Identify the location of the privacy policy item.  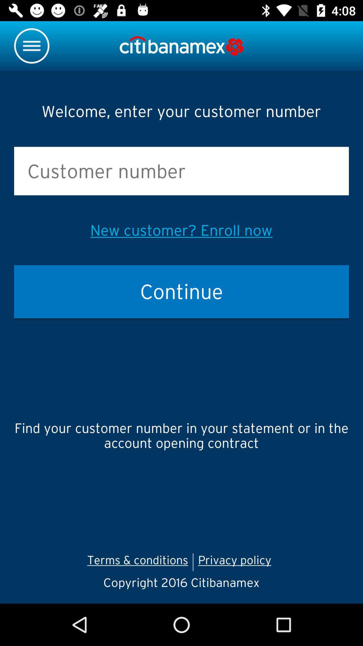
(237, 562).